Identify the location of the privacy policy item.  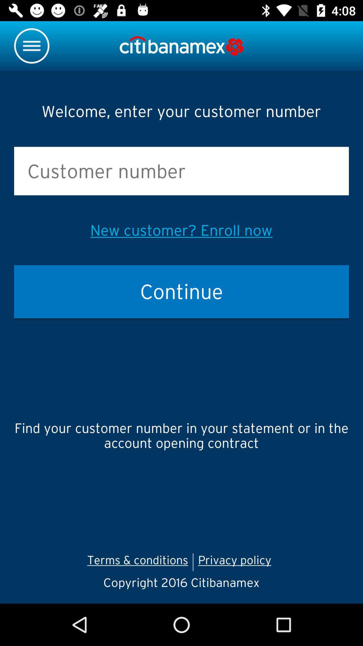
(237, 562).